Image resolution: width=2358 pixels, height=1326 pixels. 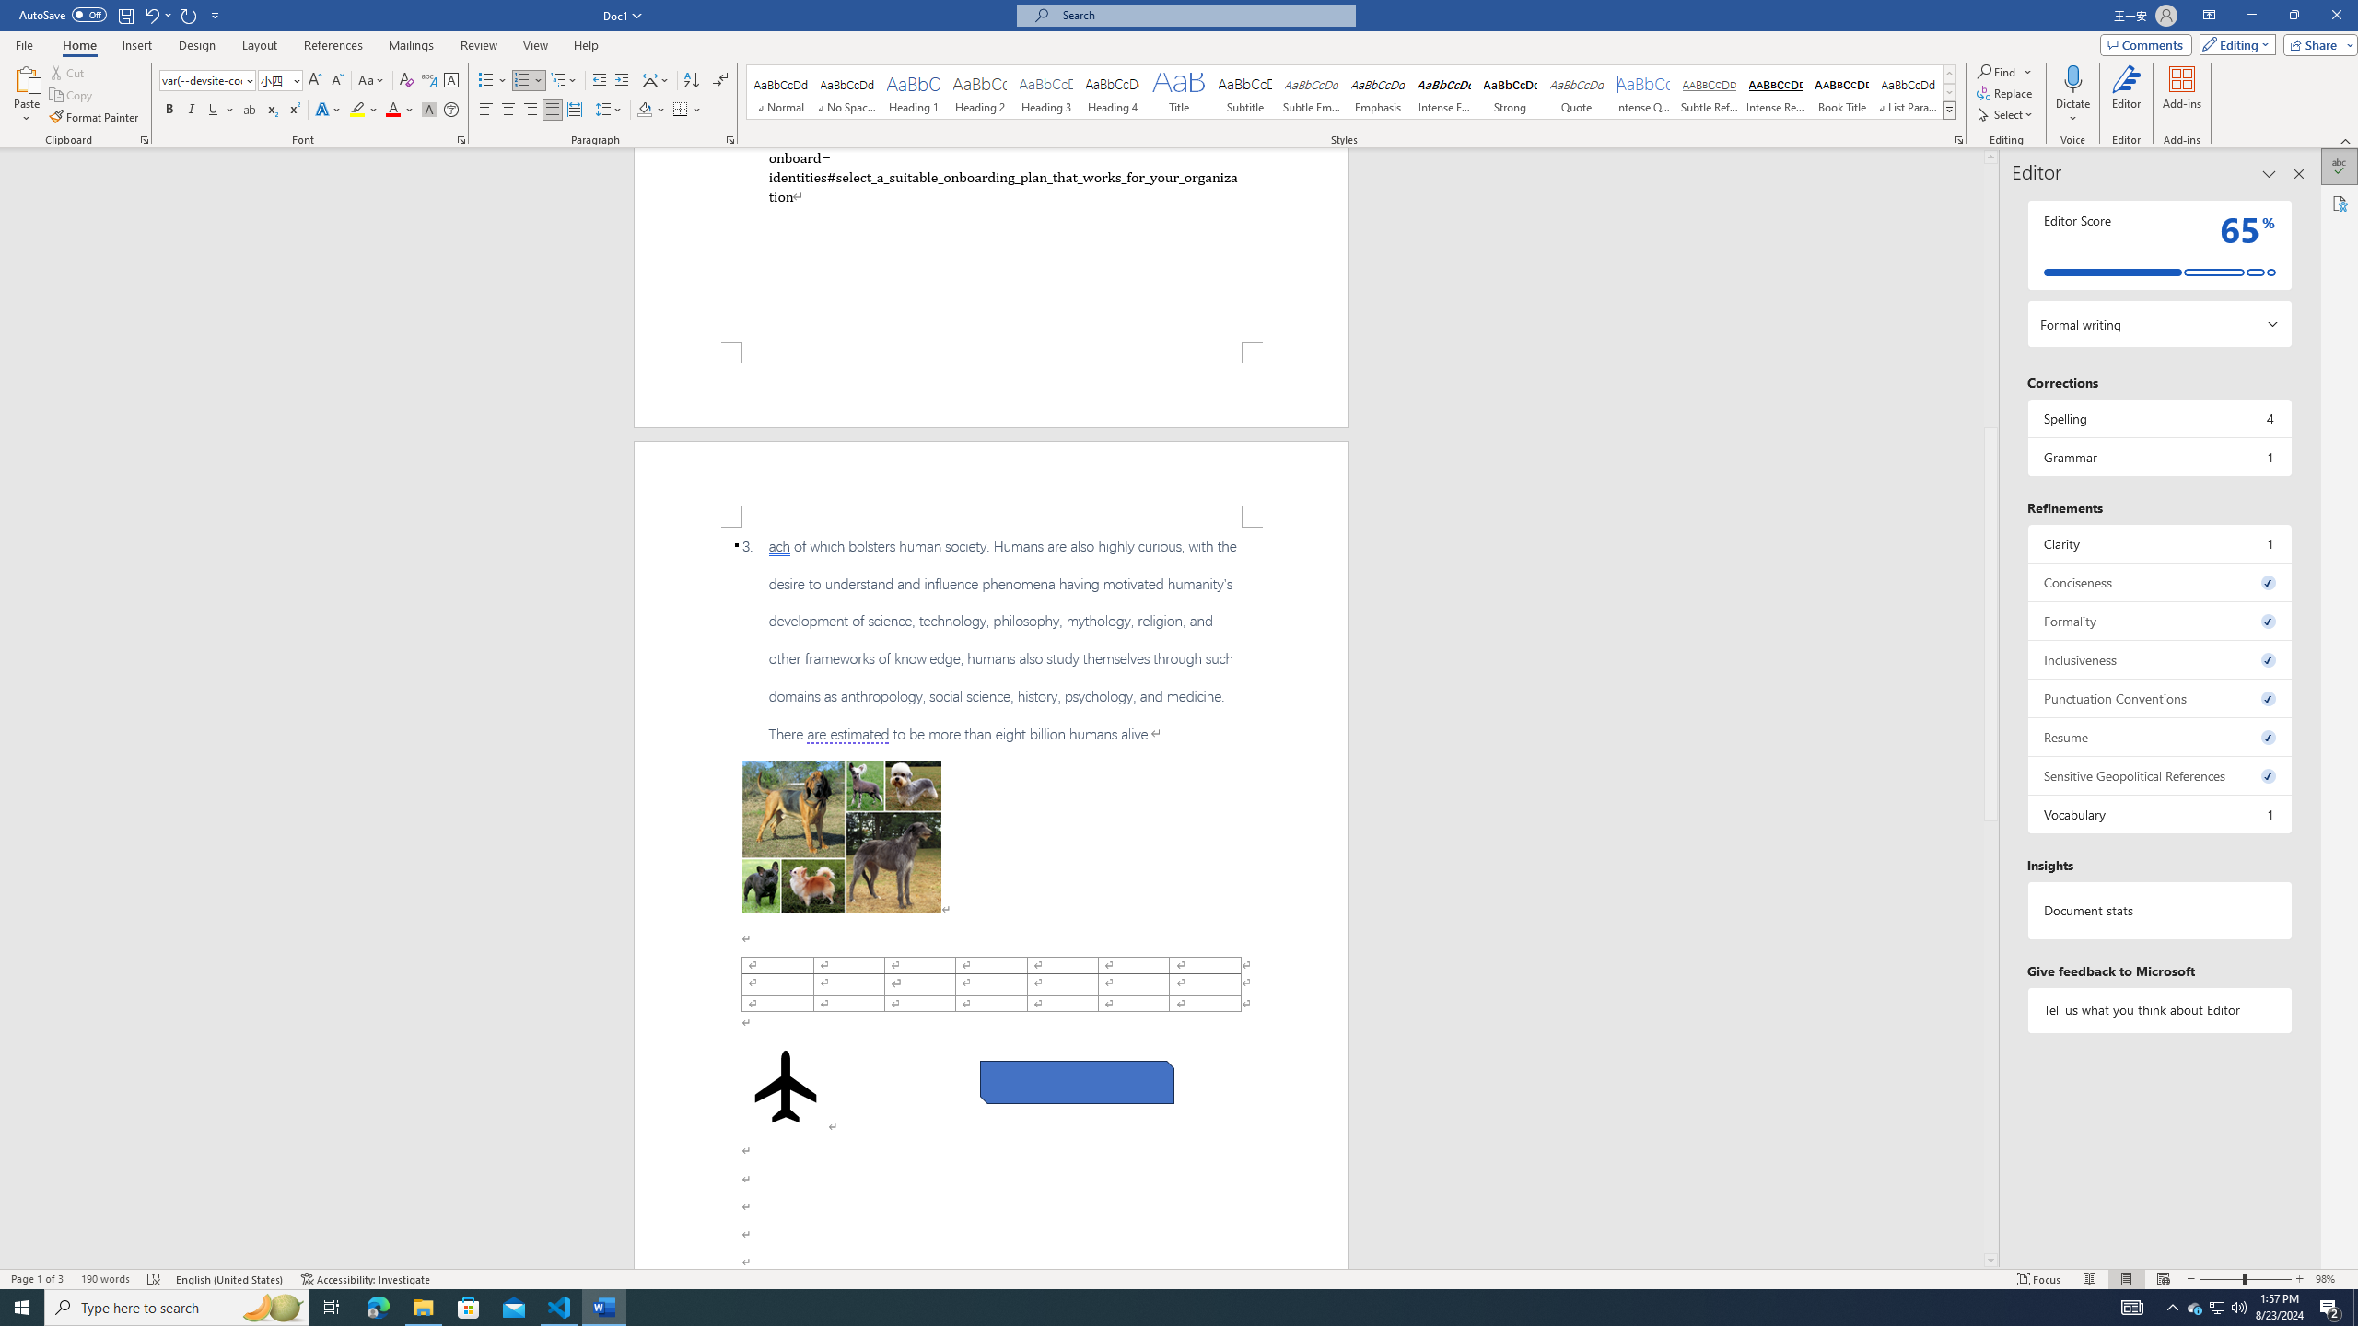 What do you see at coordinates (2126, 1279) in the screenshot?
I see `'Print Layout'` at bounding box center [2126, 1279].